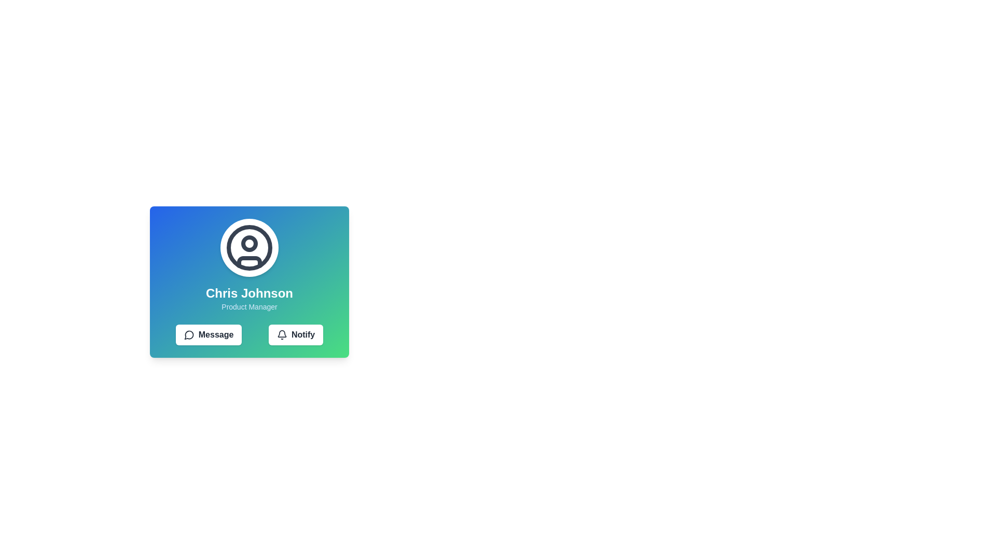 Image resolution: width=996 pixels, height=560 pixels. What do you see at coordinates (249, 306) in the screenshot?
I see `the 'Product Manager' text label which provides information about the individual's role, located directly below 'Chris Johnson'` at bounding box center [249, 306].